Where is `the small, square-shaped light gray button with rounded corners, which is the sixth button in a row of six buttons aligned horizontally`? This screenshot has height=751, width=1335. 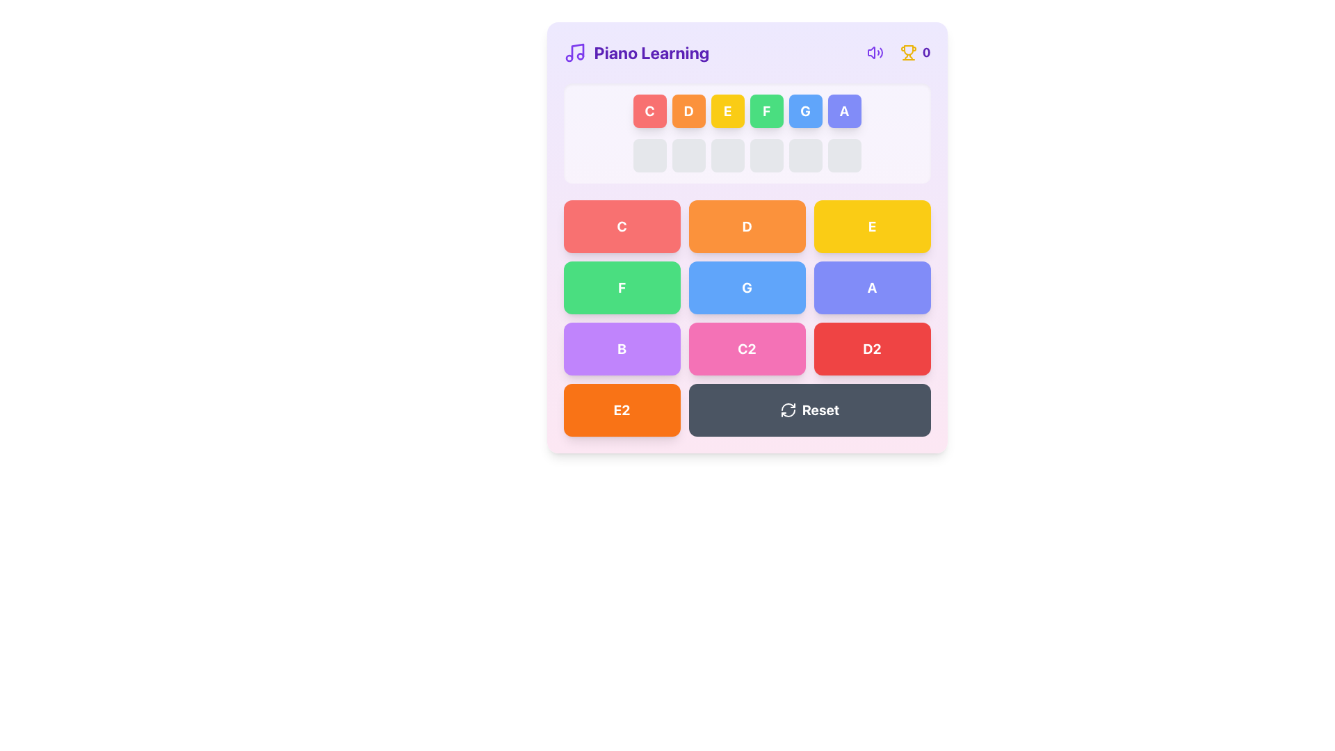
the small, square-shaped light gray button with rounded corners, which is the sixth button in a row of six buttons aligned horizontally is located at coordinates (843, 155).